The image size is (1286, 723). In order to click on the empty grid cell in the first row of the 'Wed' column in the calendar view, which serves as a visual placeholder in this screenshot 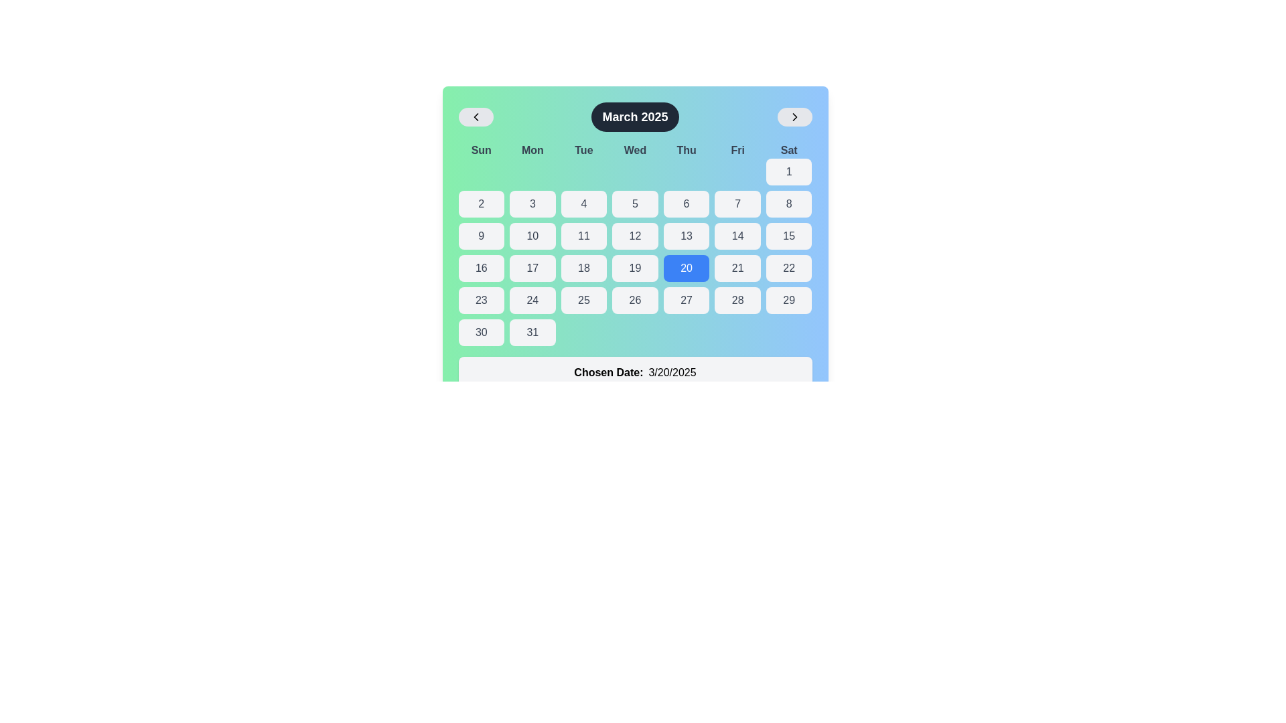, I will do `click(634, 171)`.